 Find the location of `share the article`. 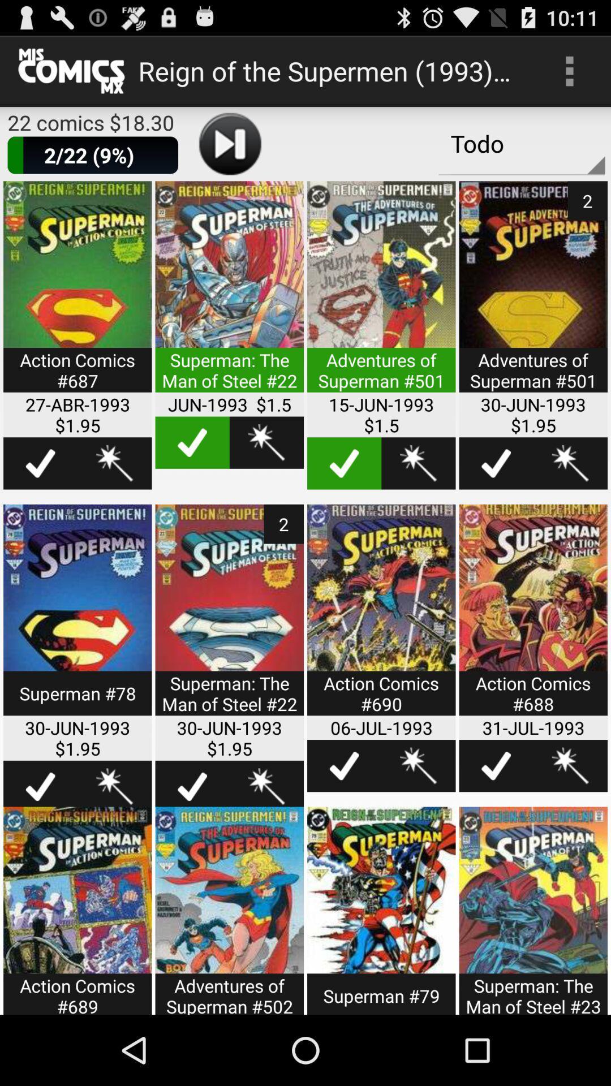

share the article is located at coordinates (418, 463).